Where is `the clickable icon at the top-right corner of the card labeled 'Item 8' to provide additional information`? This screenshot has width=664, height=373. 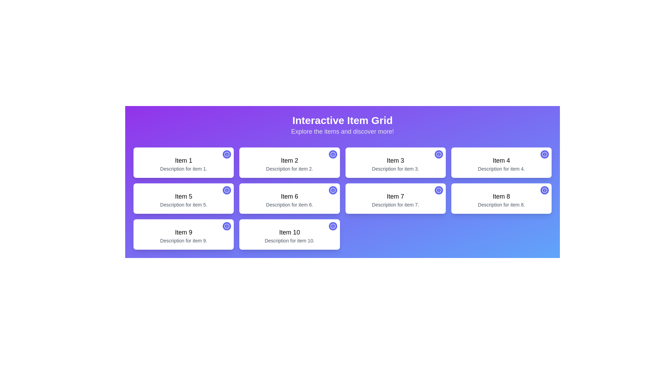
the clickable icon at the top-right corner of the card labeled 'Item 8' to provide additional information is located at coordinates (544, 190).